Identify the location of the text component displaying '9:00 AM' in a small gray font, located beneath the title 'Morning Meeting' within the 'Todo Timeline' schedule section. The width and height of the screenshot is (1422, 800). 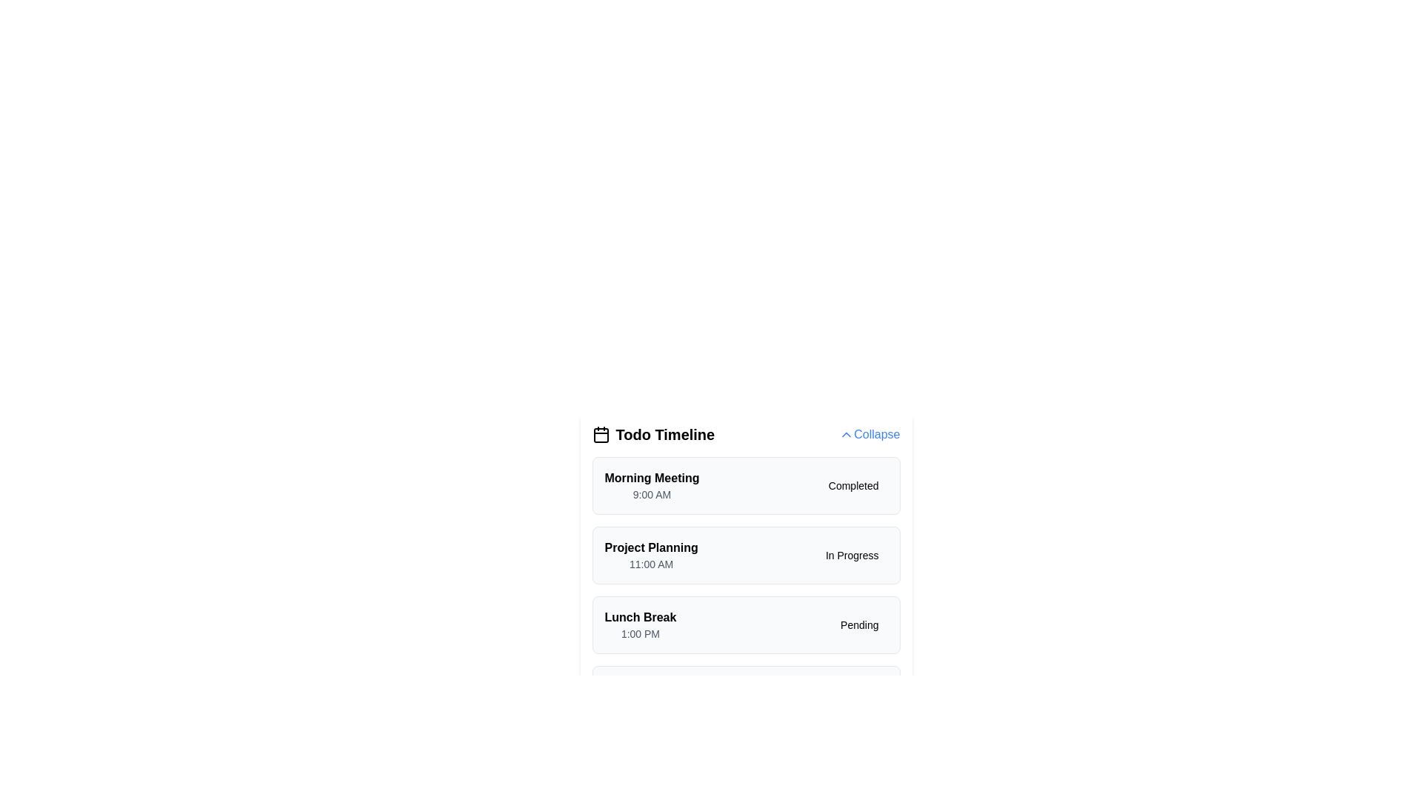
(652, 494).